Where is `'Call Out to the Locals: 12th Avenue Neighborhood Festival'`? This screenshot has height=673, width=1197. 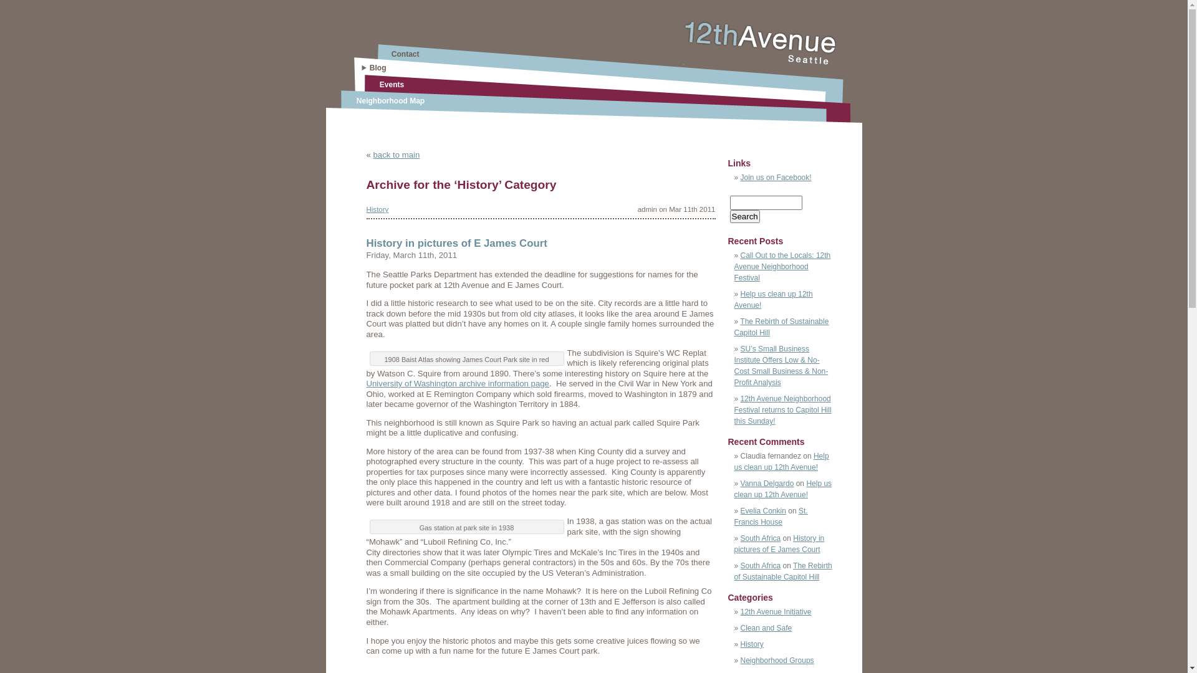
'Call Out to the Locals: 12th Avenue Neighborhood Festival' is located at coordinates (734, 266).